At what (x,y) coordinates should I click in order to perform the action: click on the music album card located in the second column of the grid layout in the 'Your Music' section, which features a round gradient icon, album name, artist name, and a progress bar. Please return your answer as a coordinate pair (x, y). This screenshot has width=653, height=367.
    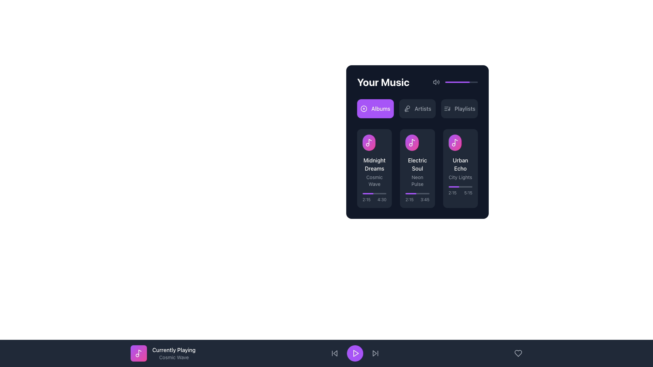
    Looking at the image, I should click on (417, 168).